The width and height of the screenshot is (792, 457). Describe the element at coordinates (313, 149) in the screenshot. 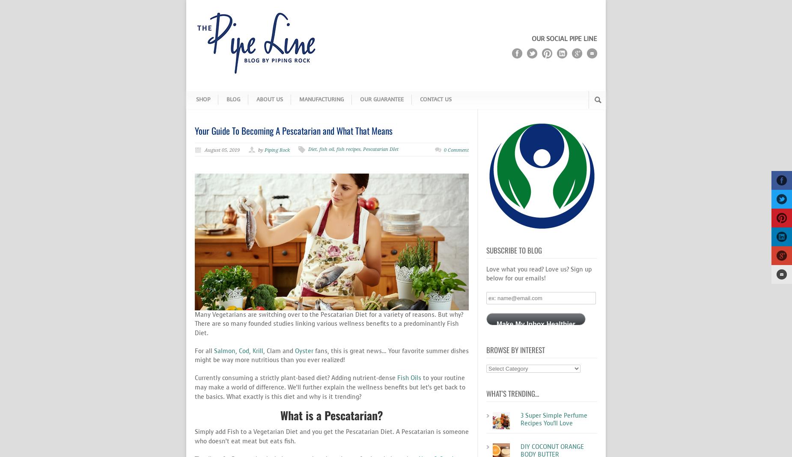

I see `'Diet'` at that location.